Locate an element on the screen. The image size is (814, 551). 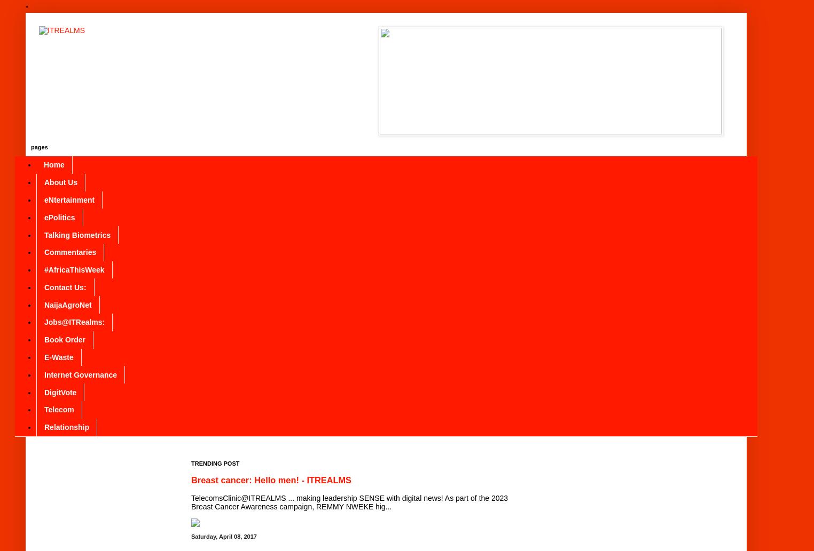
'TelecomsClinic@ITREALMS ... making leadership SENSE with digital news! As part of the 2023 Breast Cancer Awareness campaign, REMMY NWEKE hig...' is located at coordinates (191, 501).